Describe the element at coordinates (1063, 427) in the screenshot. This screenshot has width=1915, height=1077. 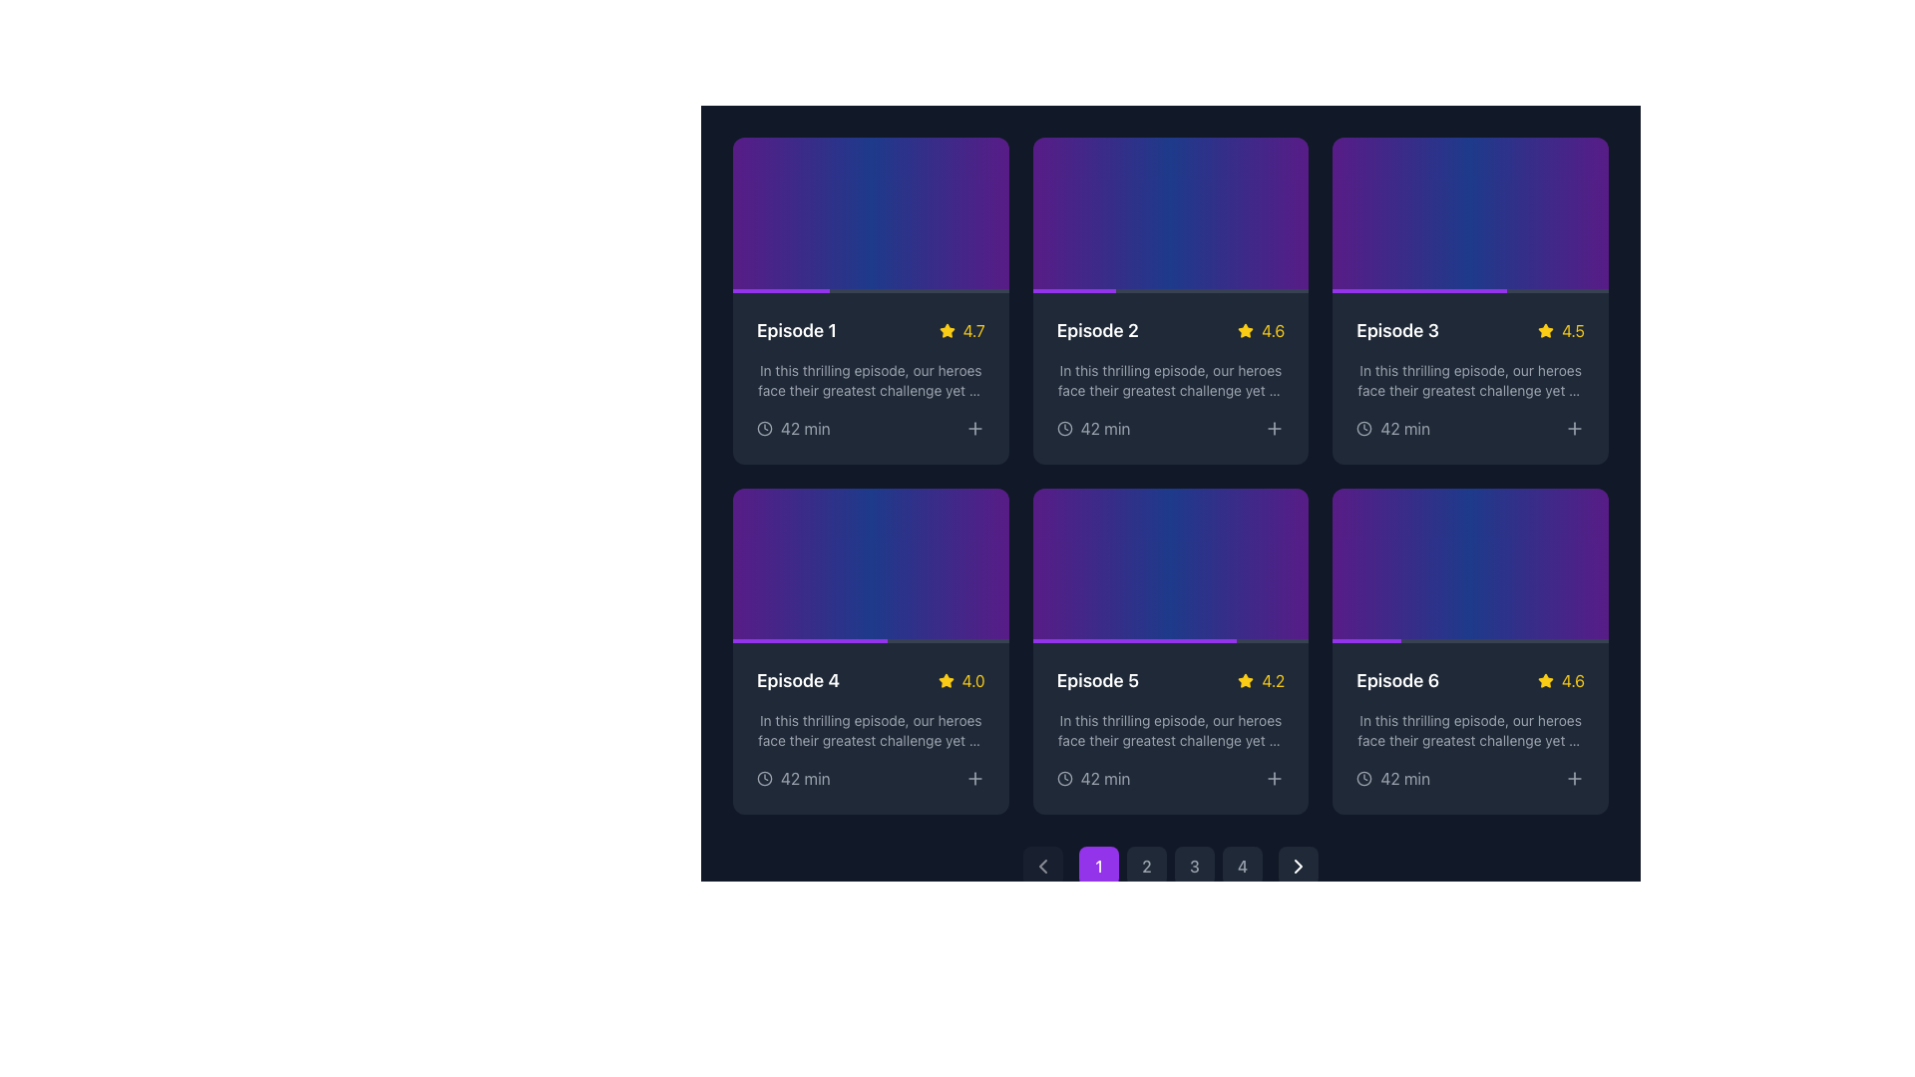
I see `the circular clock icon located in the bottom section of the card for Episode 2, positioned to the left of the '42 min' text` at that location.